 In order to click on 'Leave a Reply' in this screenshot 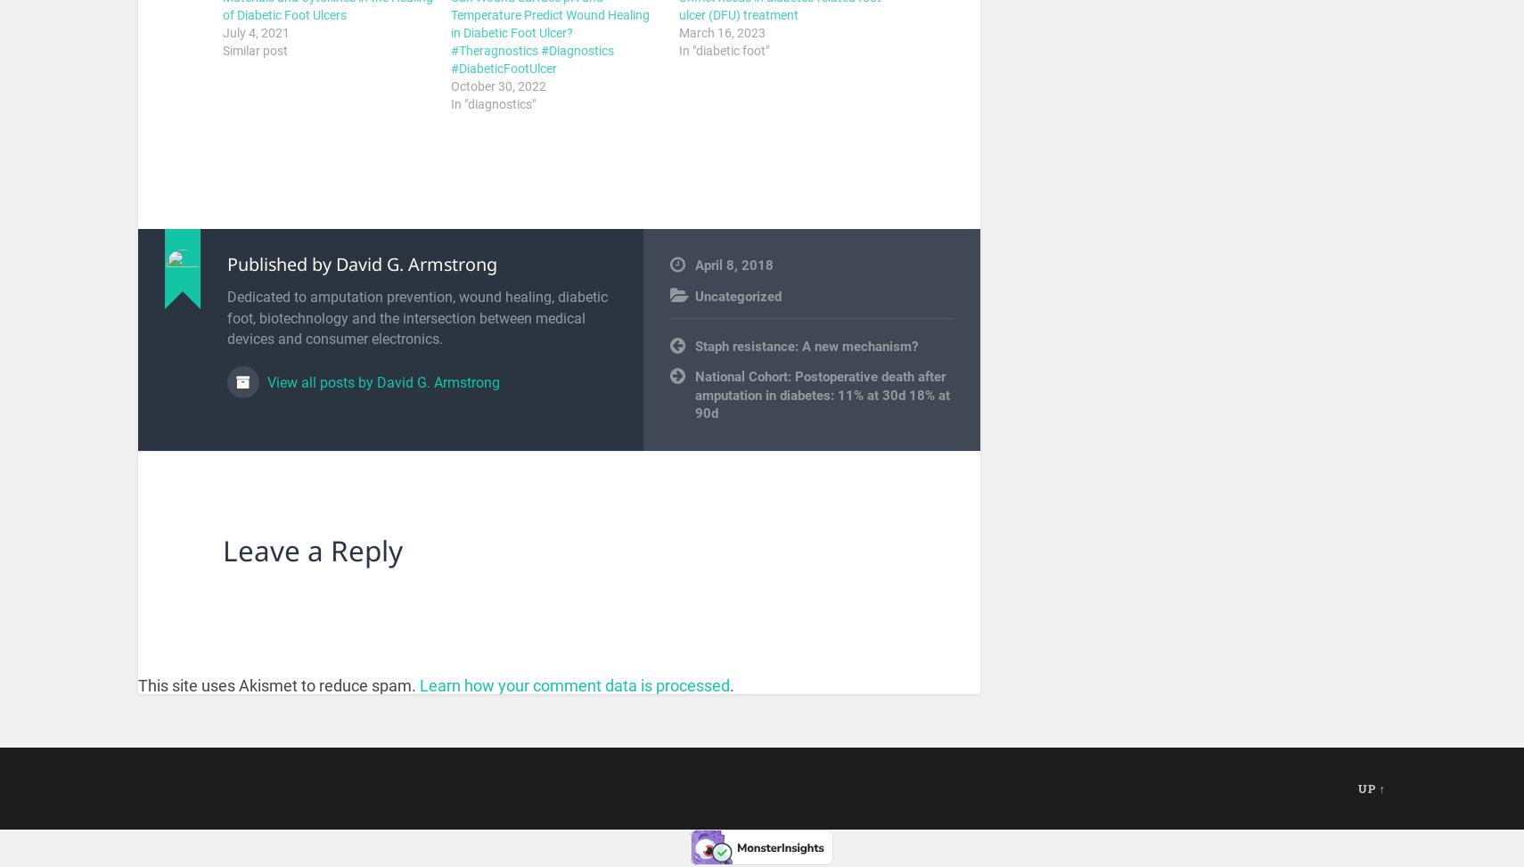, I will do `click(220, 549)`.